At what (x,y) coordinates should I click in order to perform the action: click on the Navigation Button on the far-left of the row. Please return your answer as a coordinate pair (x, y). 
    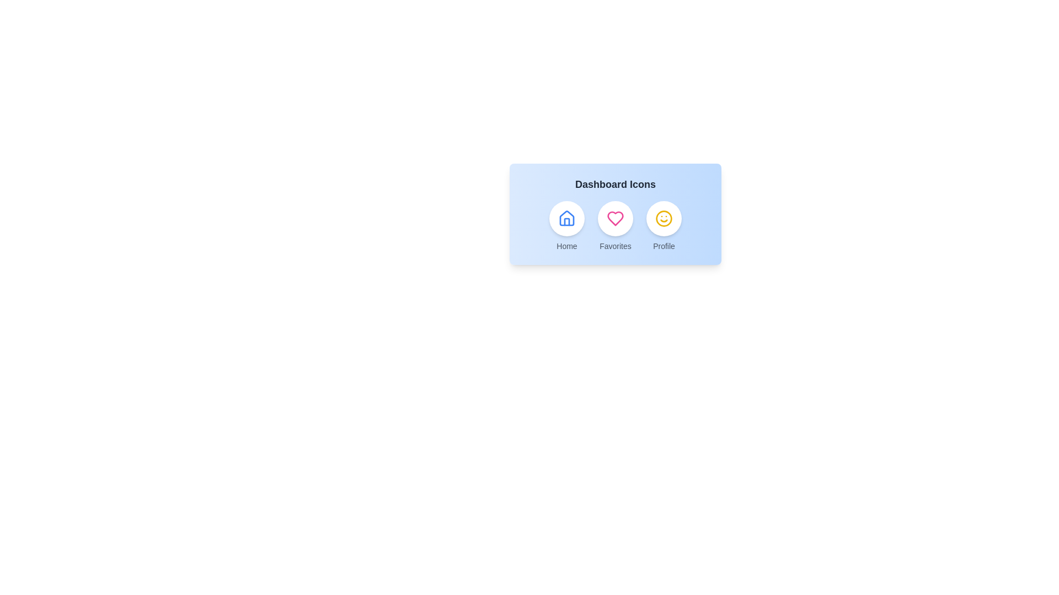
    Looking at the image, I should click on (566, 226).